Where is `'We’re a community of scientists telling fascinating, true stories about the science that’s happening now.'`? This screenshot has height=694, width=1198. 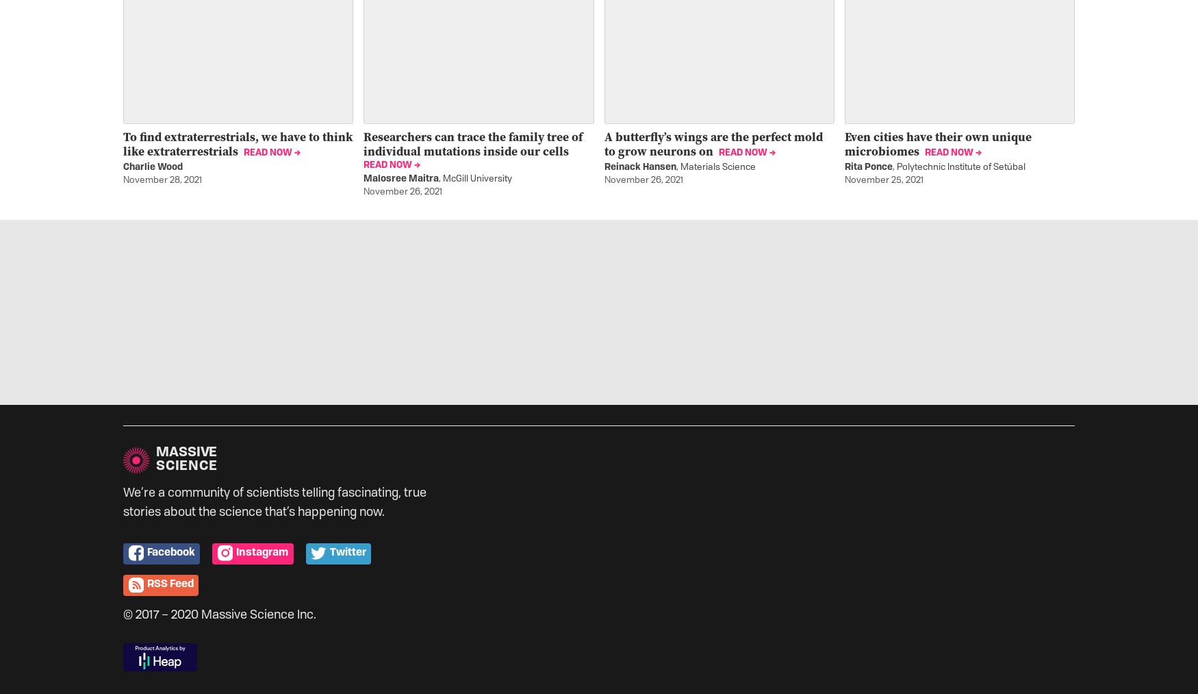
'We’re a community of scientists telling fascinating, true stories about the science that’s happening now.' is located at coordinates (123, 502).